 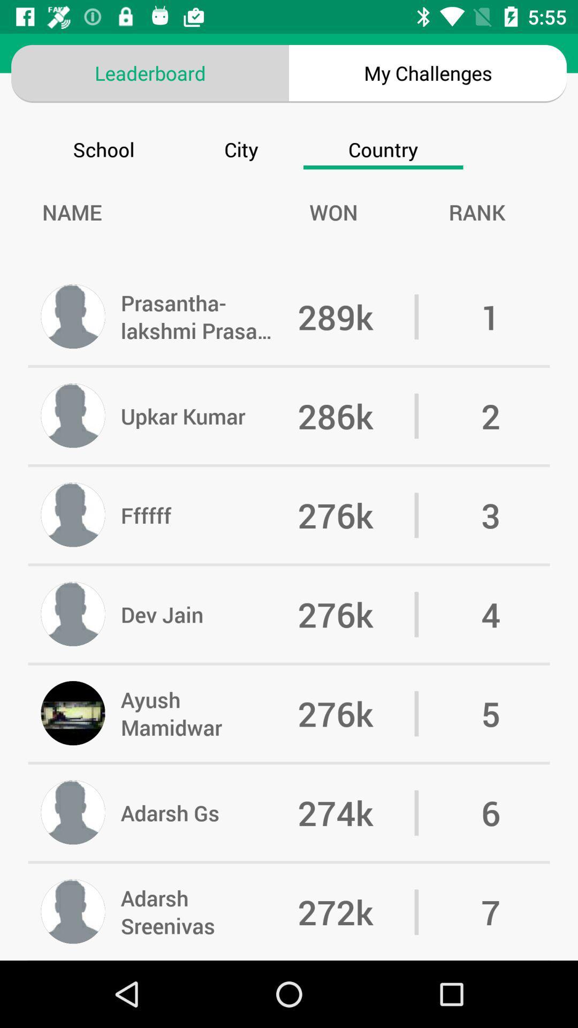 What do you see at coordinates (73, 714) in the screenshot?
I see `the image icon left side of text  ayush mamidwar` at bounding box center [73, 714].